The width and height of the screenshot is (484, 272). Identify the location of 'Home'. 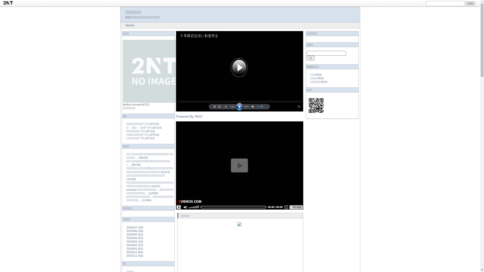
(130, 25).